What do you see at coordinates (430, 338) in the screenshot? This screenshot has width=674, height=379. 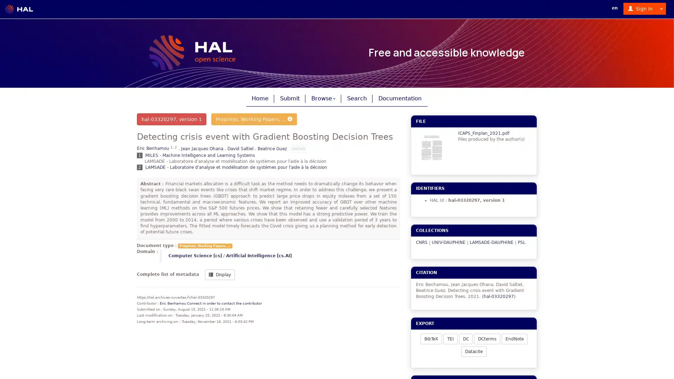 I see `BibTeX` at bounding box center [430, 338].